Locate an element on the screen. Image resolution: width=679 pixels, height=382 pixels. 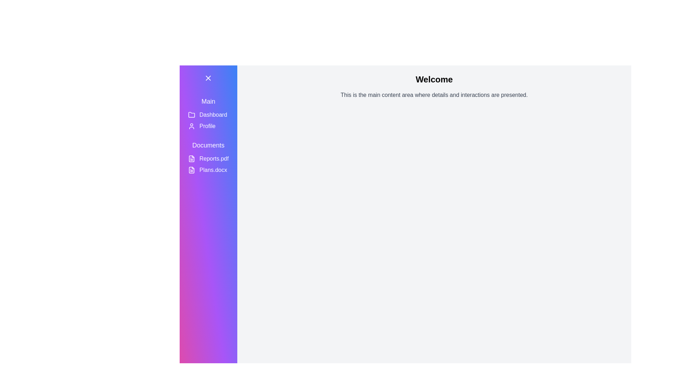
the 'Profile' segment in the Sidebar navigation menu, which consists of a user icon and the text 'Profile' is located at coordinates (208, 120).